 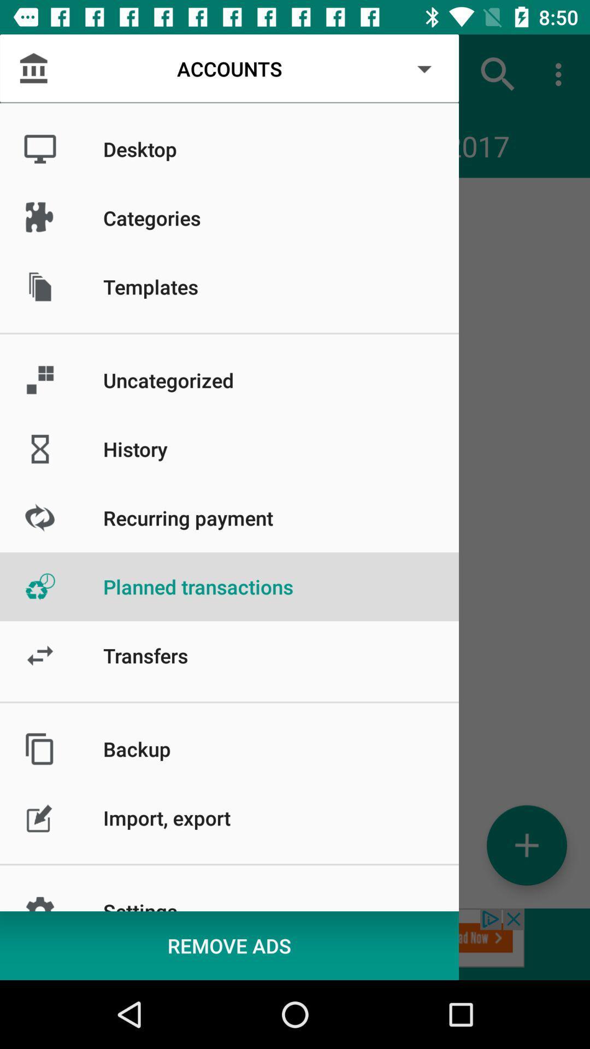 I want to click on the add icon, so click(x=526, y=845).